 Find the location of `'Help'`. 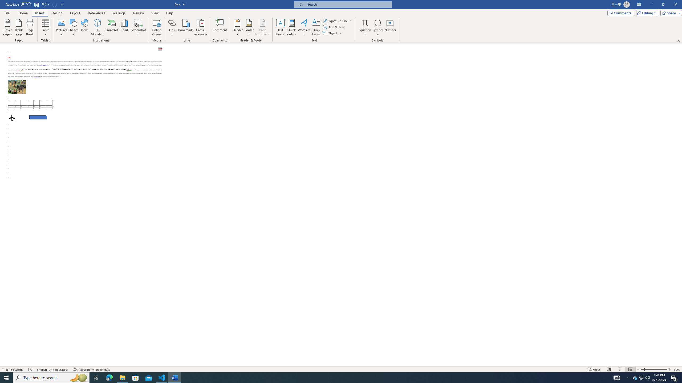

'Help' is located at coordinates (169, 13).